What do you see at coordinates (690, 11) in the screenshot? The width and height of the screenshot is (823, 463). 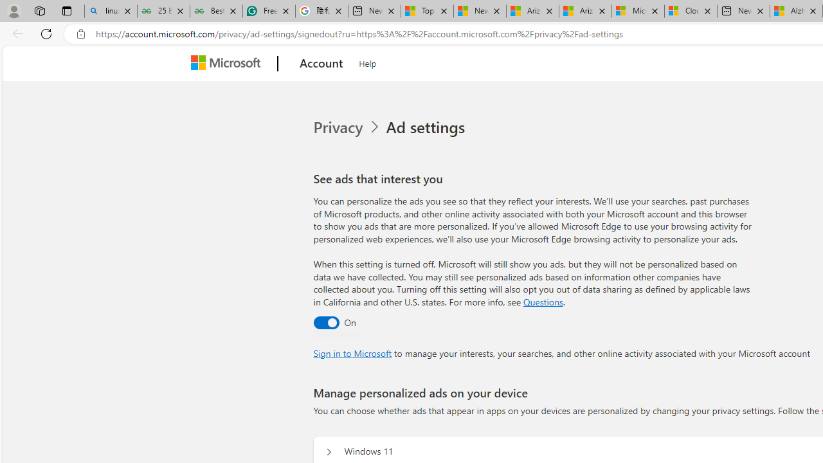 I see `'Cloud Computing Services | Microsoft Azure'` at bounding box center [690, 11].